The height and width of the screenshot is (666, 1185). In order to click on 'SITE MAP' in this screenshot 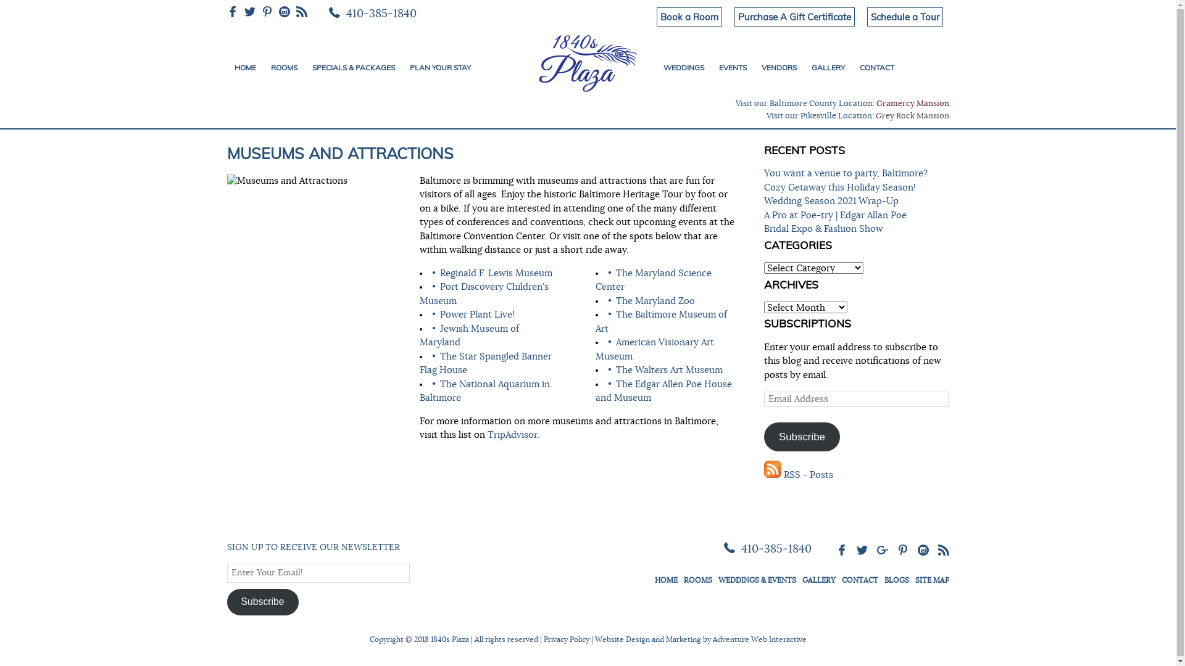, I will do `click(931, 580)`.